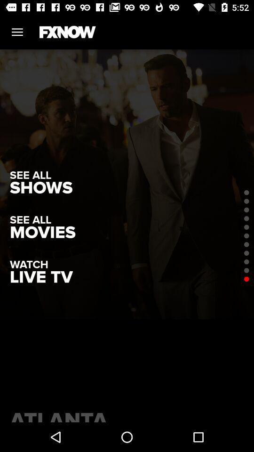 Image resolution: width=254 pixels, height=452 pixels. What do you see at coordinates (42, 232) in the screenshot?
I see `item above the watch icon` at bounding box center [42, 232].